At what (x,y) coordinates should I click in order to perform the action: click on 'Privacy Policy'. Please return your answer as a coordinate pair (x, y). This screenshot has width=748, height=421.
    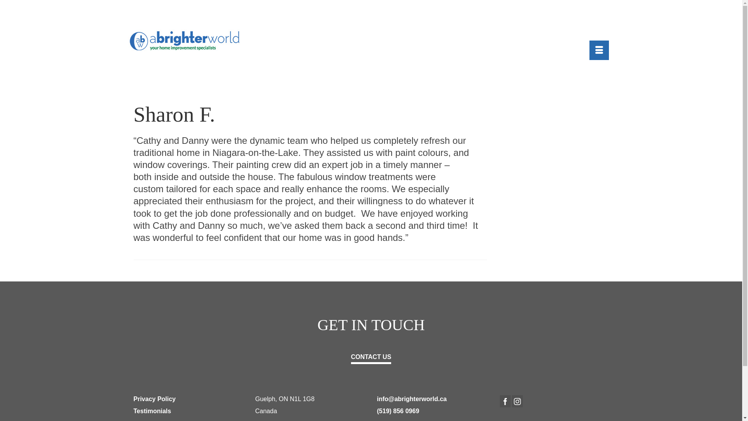
    Looking at the image, I should click on (154, 399).